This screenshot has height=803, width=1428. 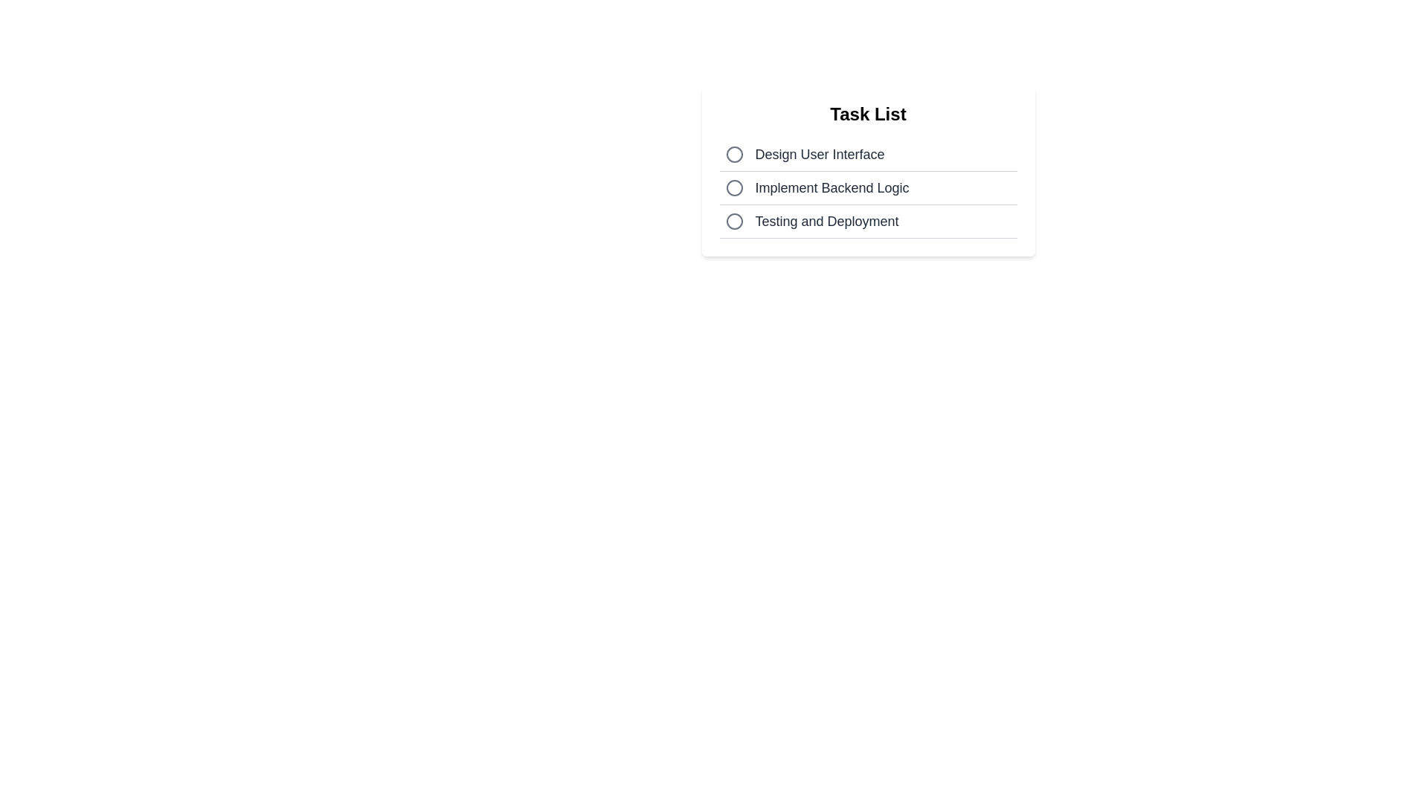 What do you see at coordinates (734, 221) in the screenshot?
I see `the Circle icon representing the status of the corresponding task located near the left side of the third list item in the vertical task list` at bounding box center [734, 221].